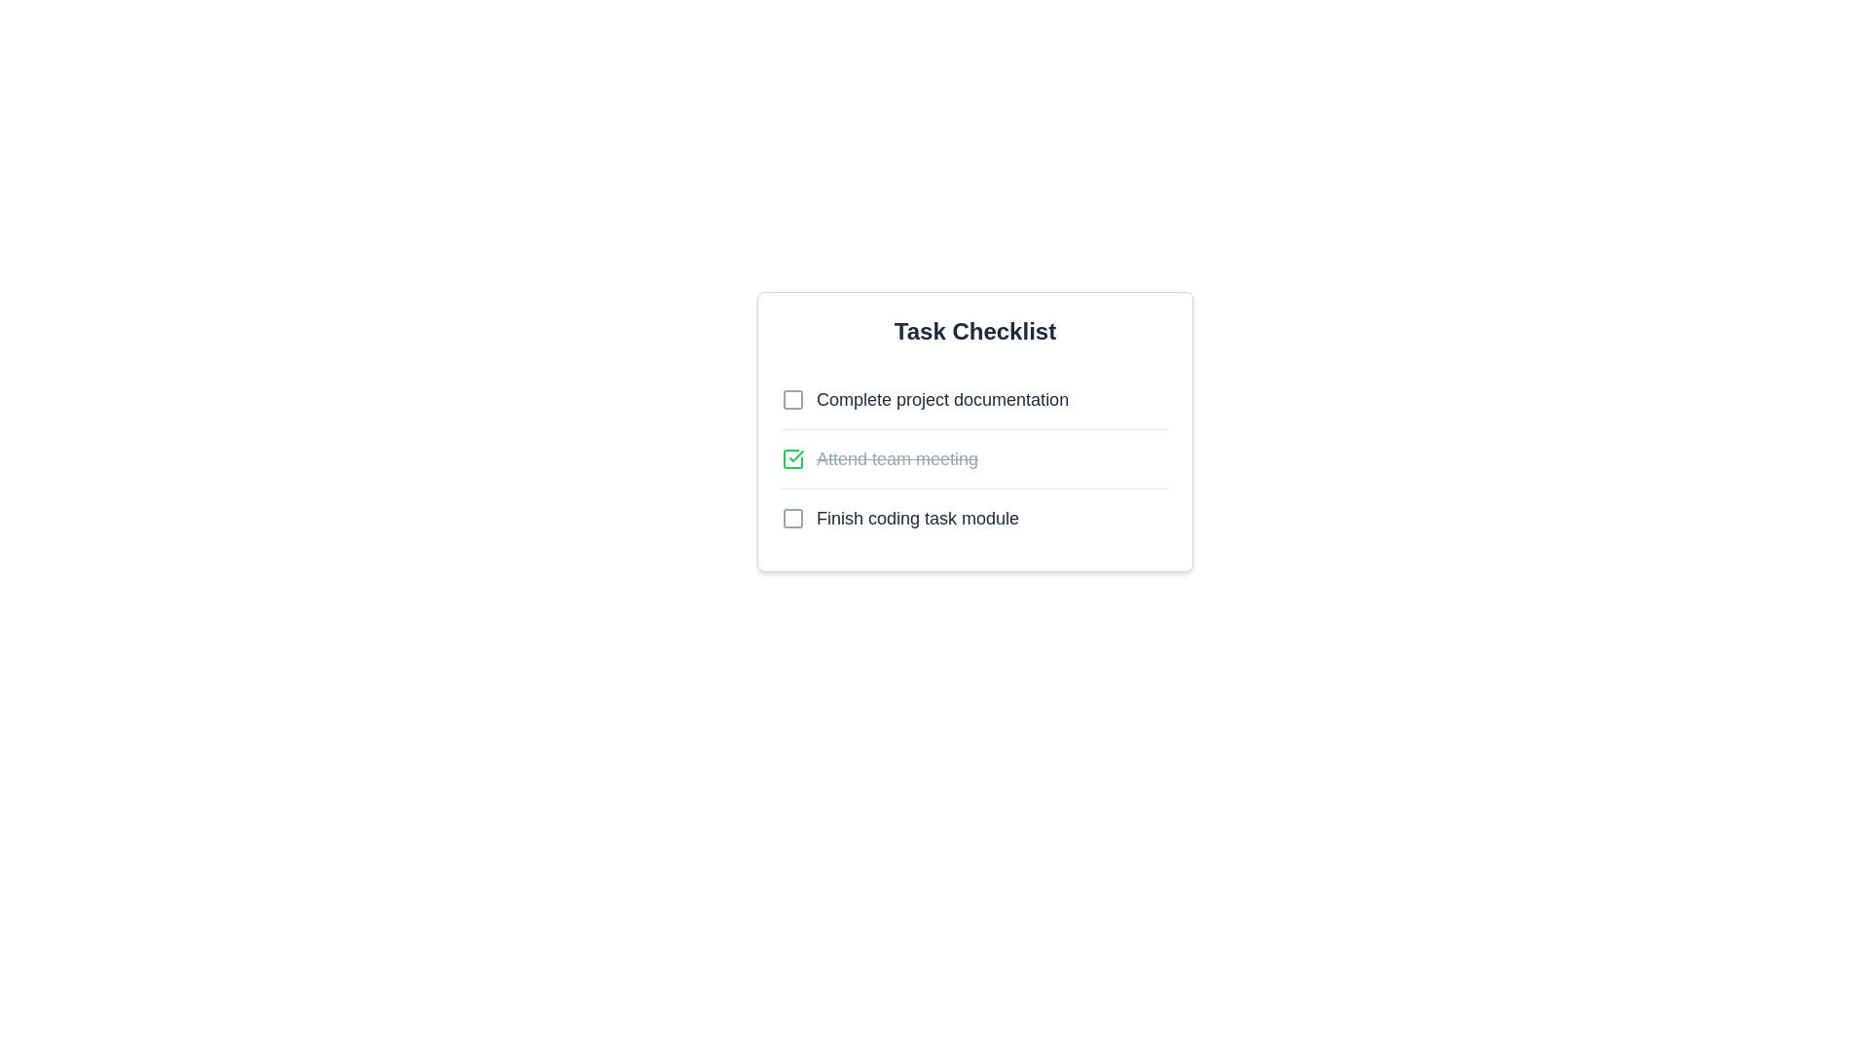  What do you see at coordinates (793, 399) in the screenshot?
I see `the interactive checkbox located under the 'Task Checklist' header` at bounding box center [793, 399].